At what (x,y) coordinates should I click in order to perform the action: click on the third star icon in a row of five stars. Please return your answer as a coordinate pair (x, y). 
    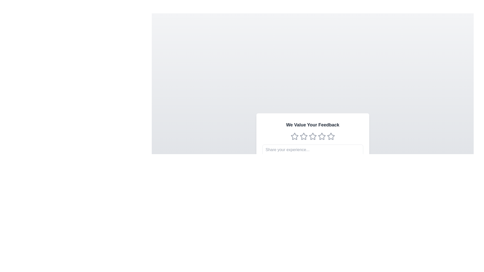
    Looking at the image, I should click on (303, 137).